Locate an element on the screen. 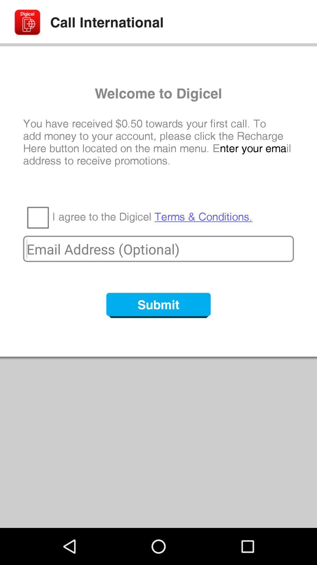 This screenshot has height=565, width=317. the icon on the left is located at coordinates (38, 217).